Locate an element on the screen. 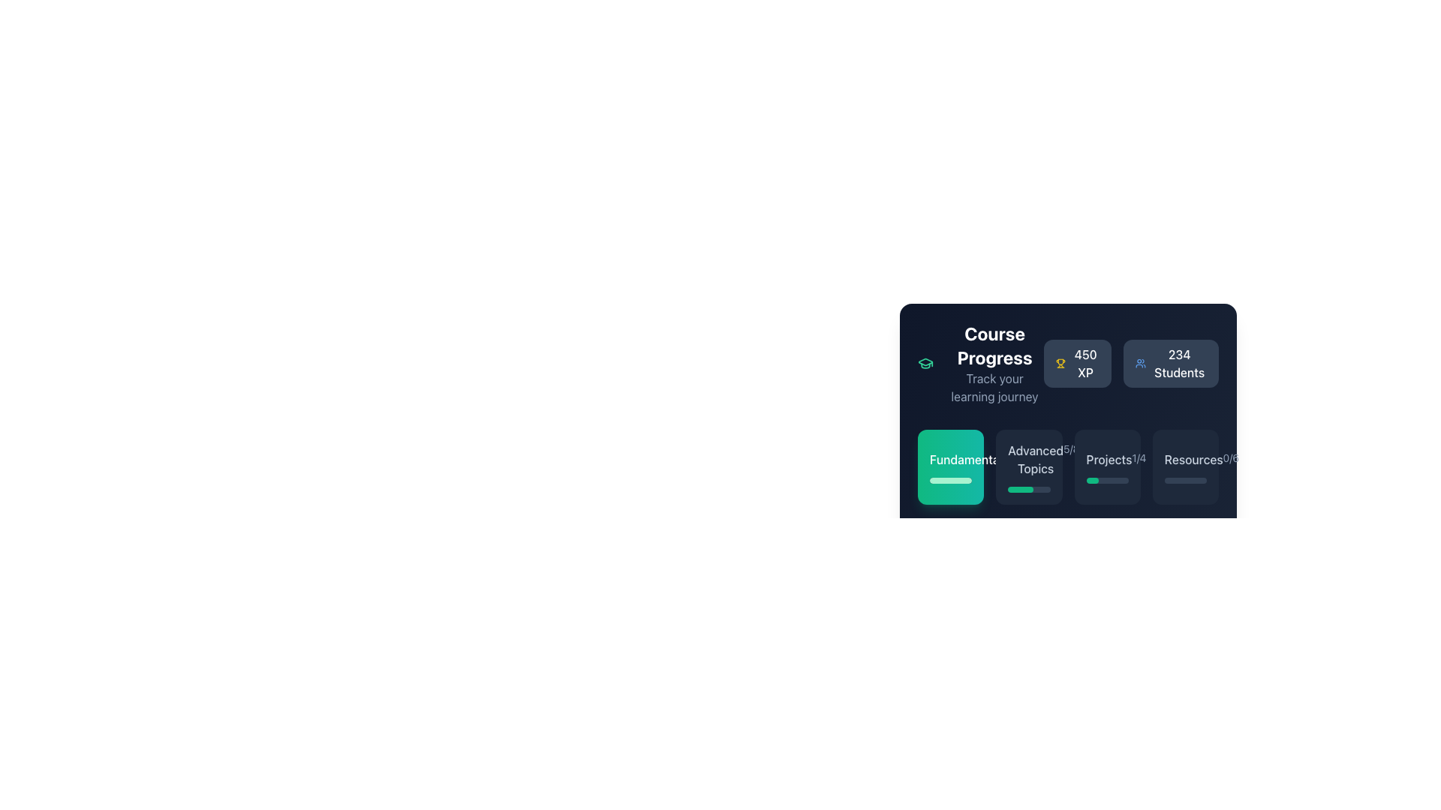  the filled portion of the progress bar located beneath the 'Course Progress' section, which is a horizontal bar with a vibrant green fill representing 60% completion is located at coordinates (1021, 489).